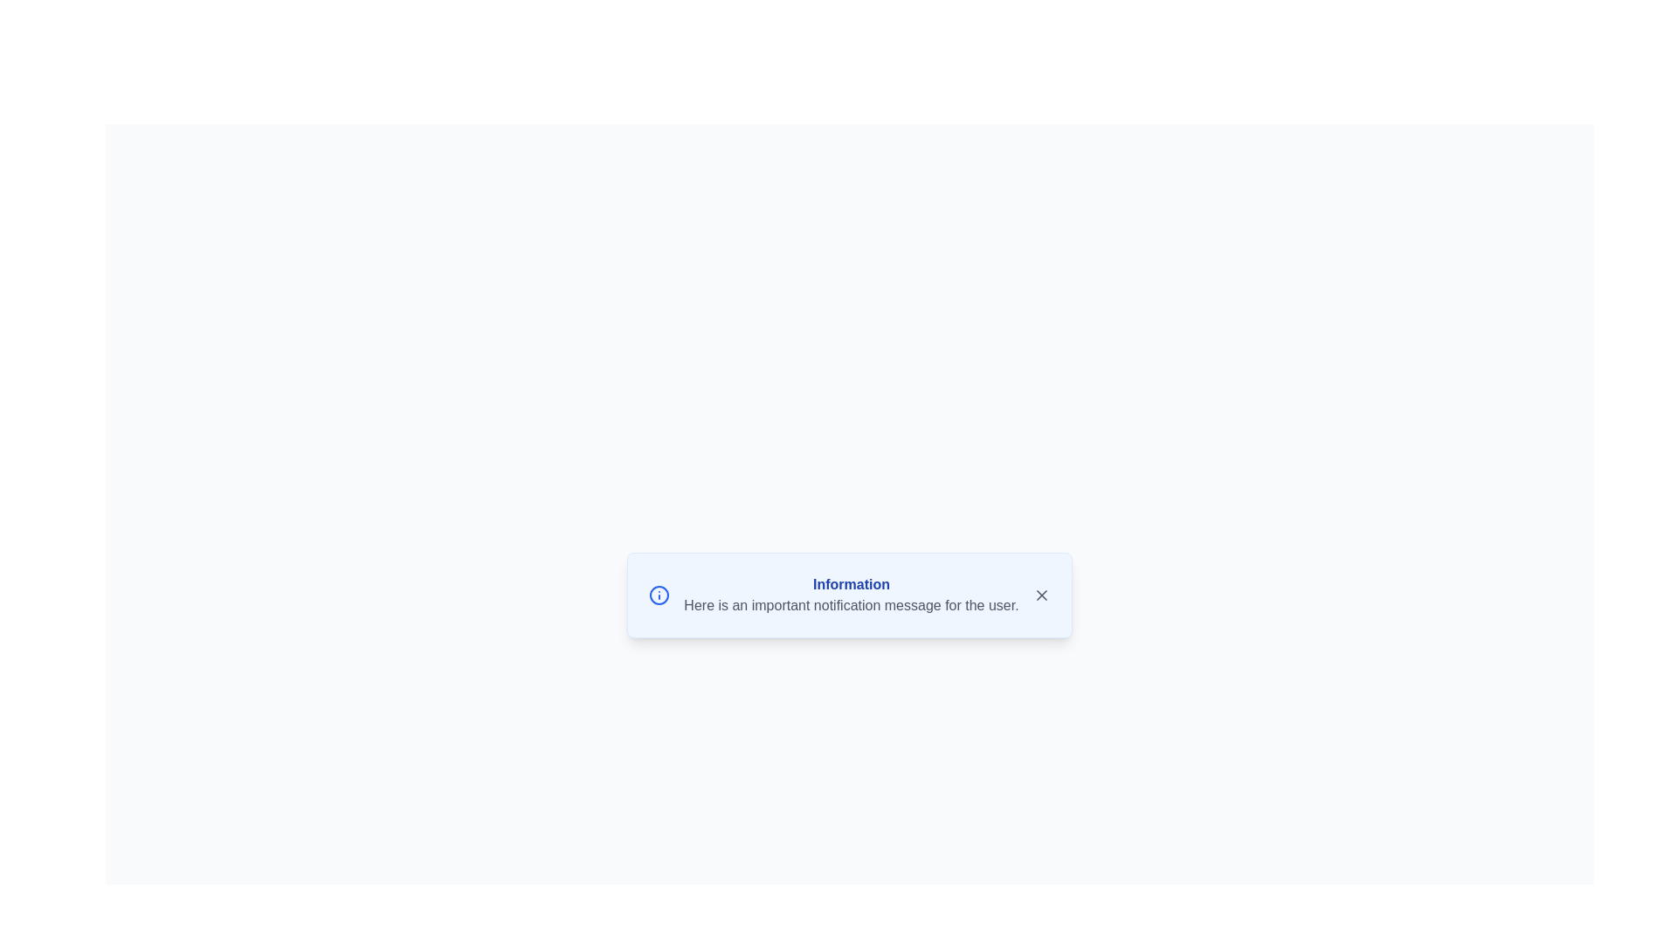 The width and height of the screenshot is (1677, 943). I want to click on the text label styled in gray font color located within the notification box, directly below the 'Information' title, so click(851, 605).